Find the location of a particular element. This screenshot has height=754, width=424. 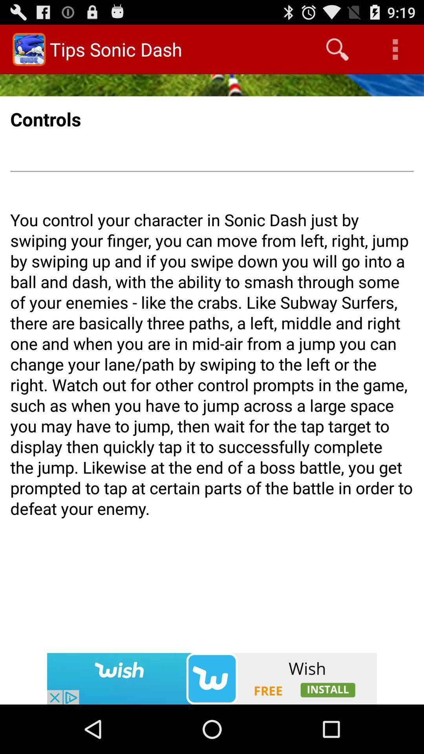

installs the wish app is located at coordinates (212, 678).